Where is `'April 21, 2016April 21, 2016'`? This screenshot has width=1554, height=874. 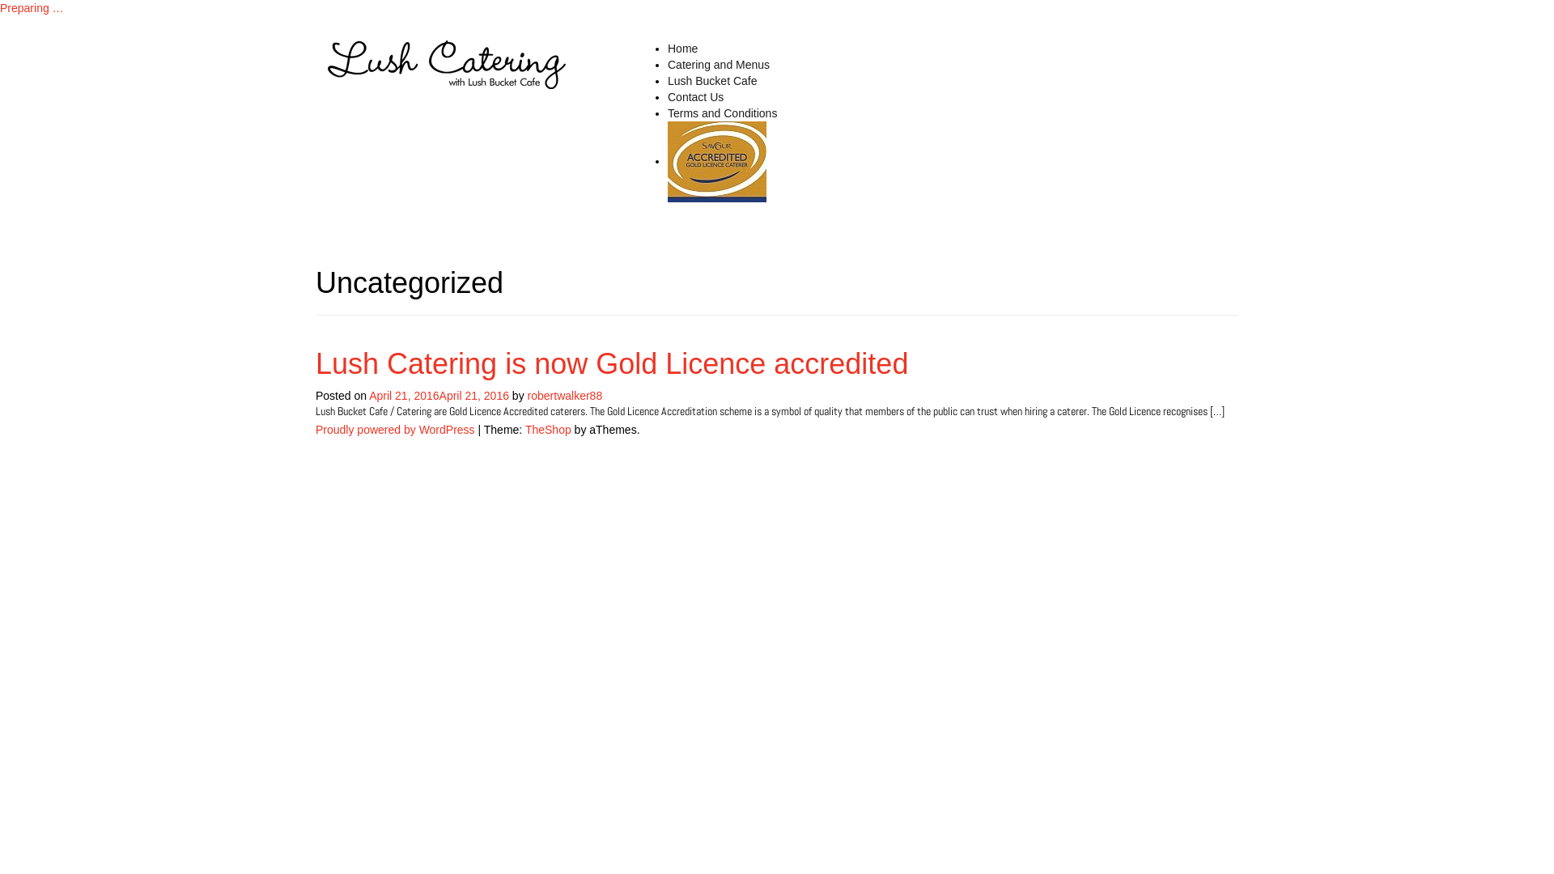 'April 21, 2016April 21, 2016' is located at coordinates (439, 396).